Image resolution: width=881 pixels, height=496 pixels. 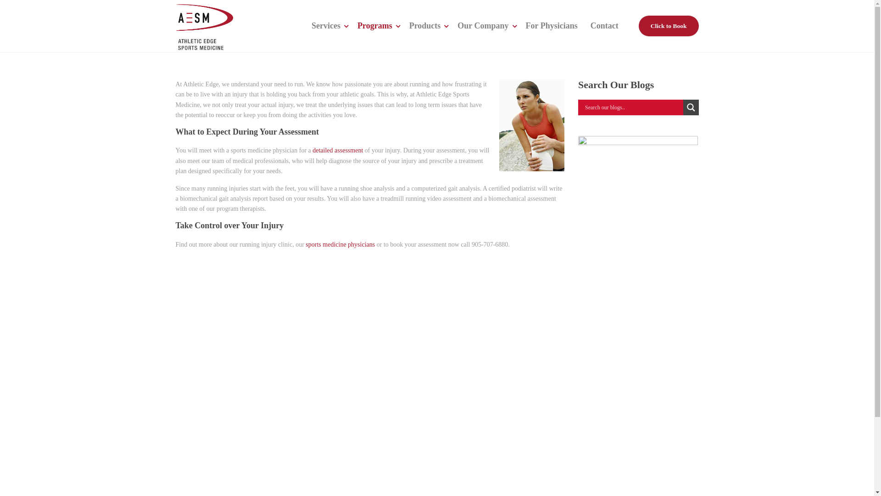 I want to click on 'Our Company', so click(x=484, y=25).